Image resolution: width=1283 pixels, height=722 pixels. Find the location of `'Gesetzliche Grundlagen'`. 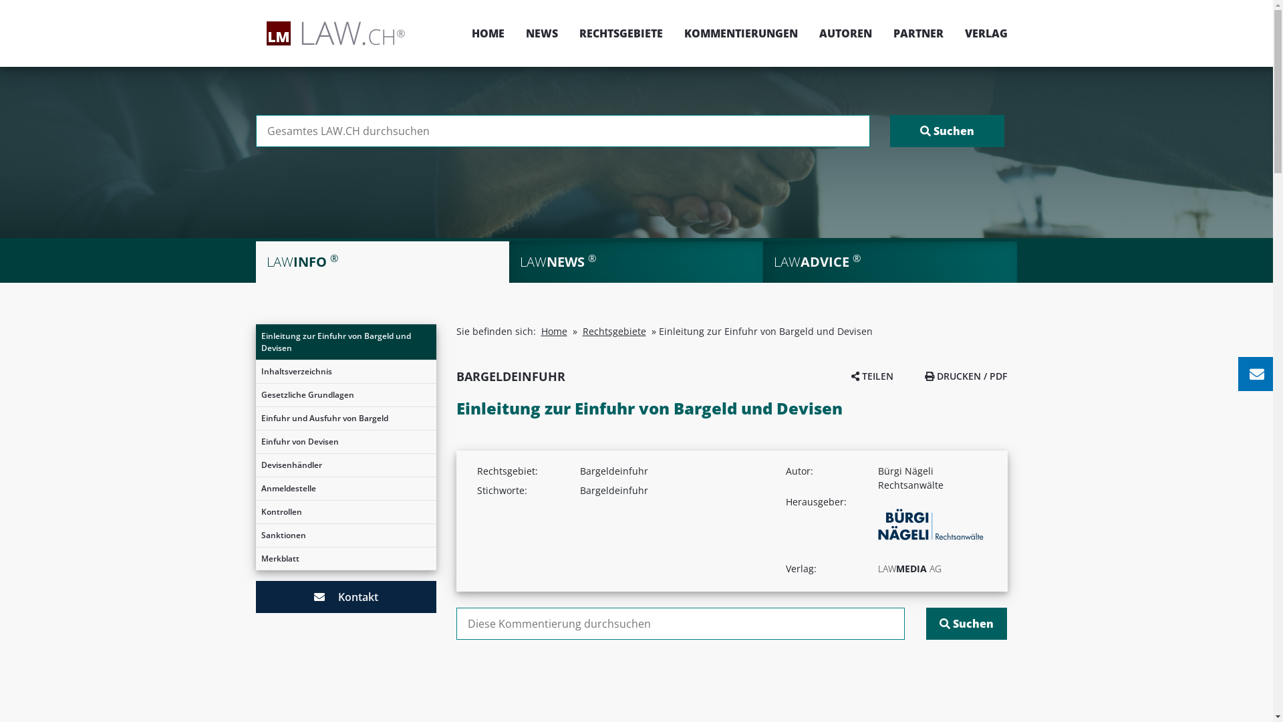

'Gesetzliche Grundlagen' is located at coordinates (345, 394).